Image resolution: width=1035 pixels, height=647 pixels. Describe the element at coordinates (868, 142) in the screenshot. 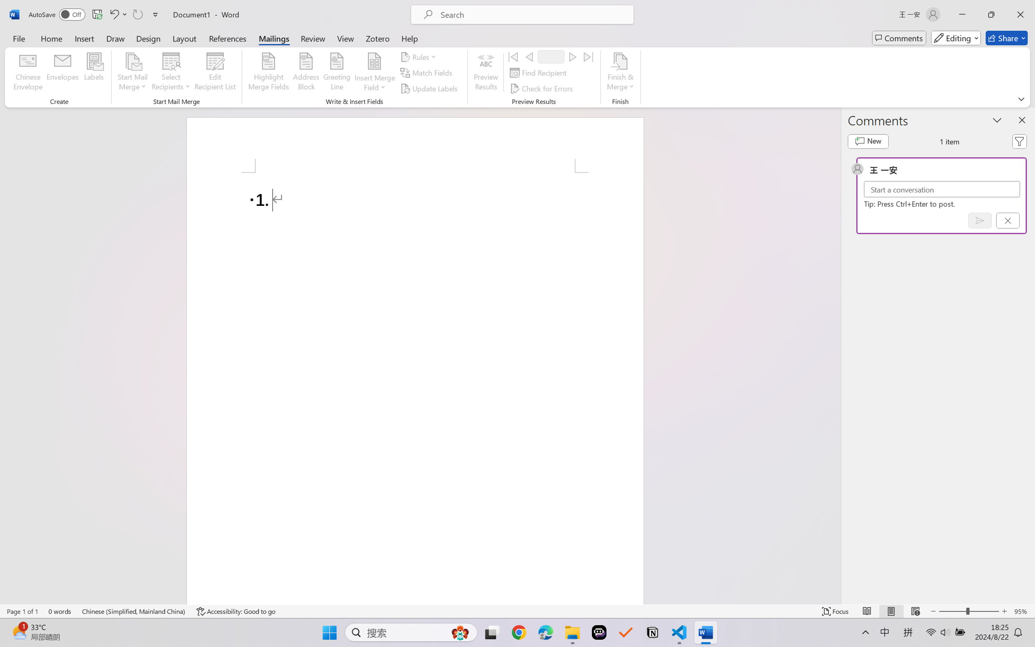

I see `'New comment'` at that location.